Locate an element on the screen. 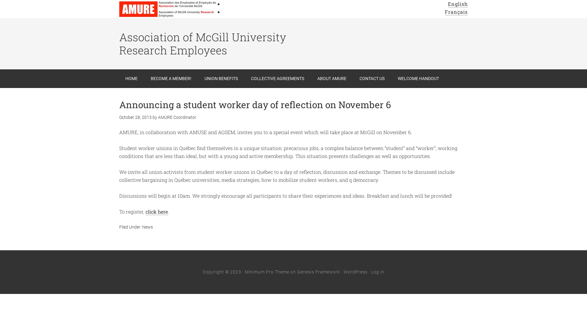 This screenshot has width=587, height=330. 'HOME' is located at coordinates (131, 78).